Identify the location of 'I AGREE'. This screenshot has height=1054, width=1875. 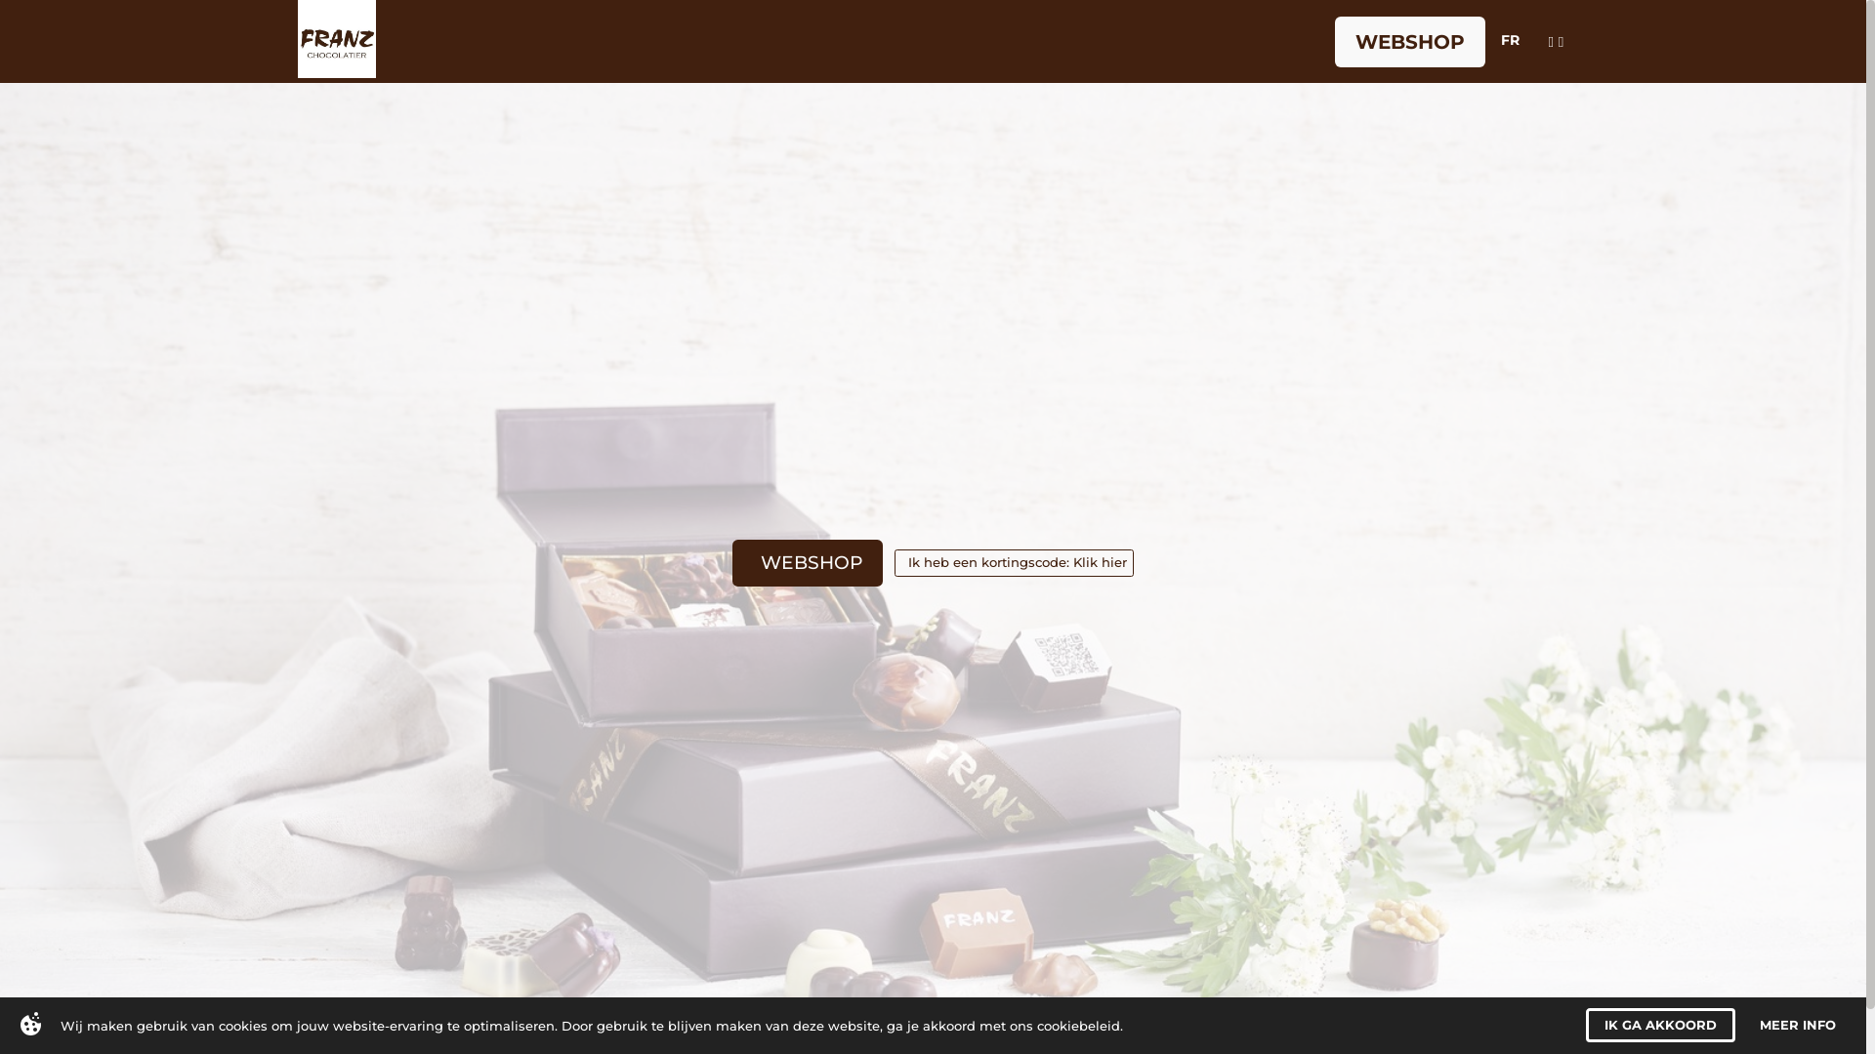
(1695, 1024).